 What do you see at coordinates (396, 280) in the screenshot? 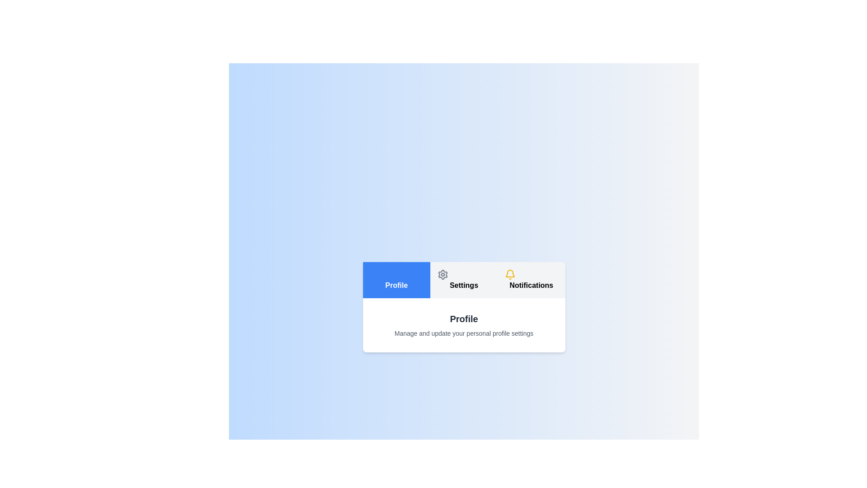
I see `the Profile tab to switch views` at bounding box center [396, 280].